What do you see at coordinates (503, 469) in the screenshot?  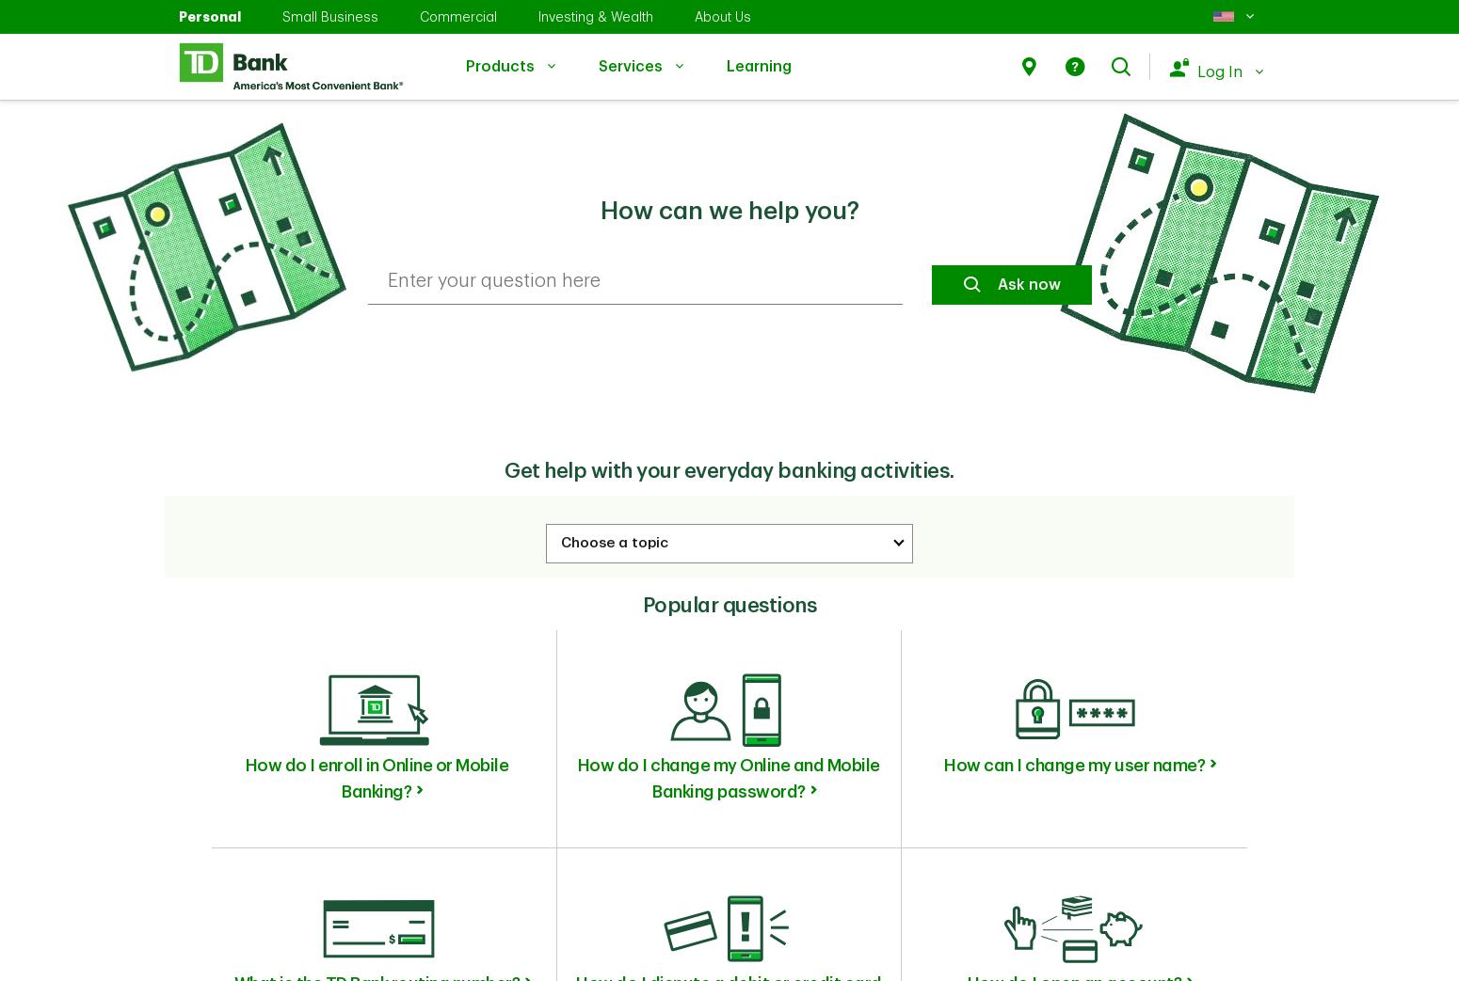 I see `'Get help with your everyday banking activities.'` at bounding box center [503, 469].